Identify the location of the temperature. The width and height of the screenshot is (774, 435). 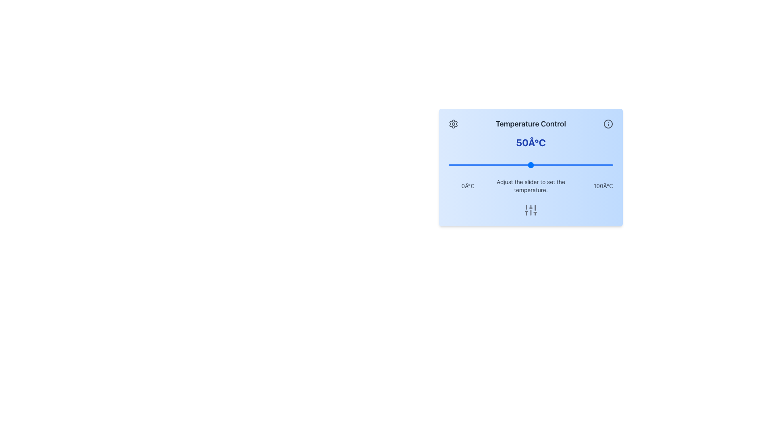
(478, 164).